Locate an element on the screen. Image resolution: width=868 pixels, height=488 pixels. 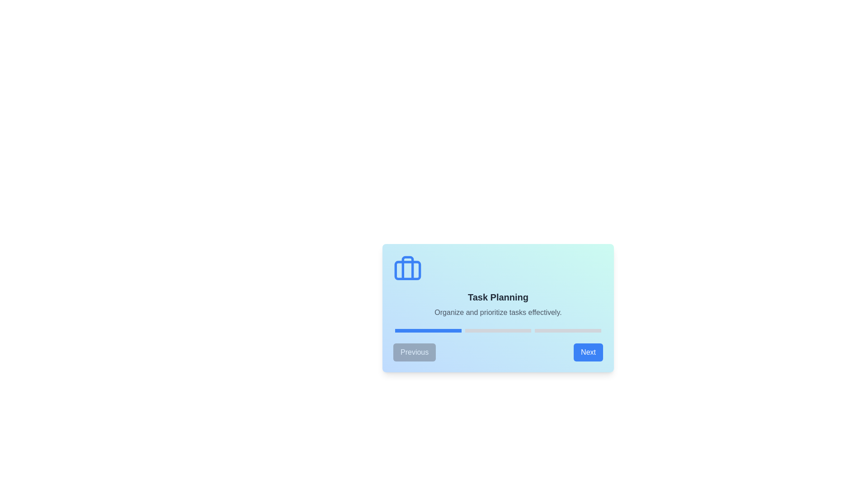
the 'Previous' button to navigate to the previous step is located at coordinates (414, 352).